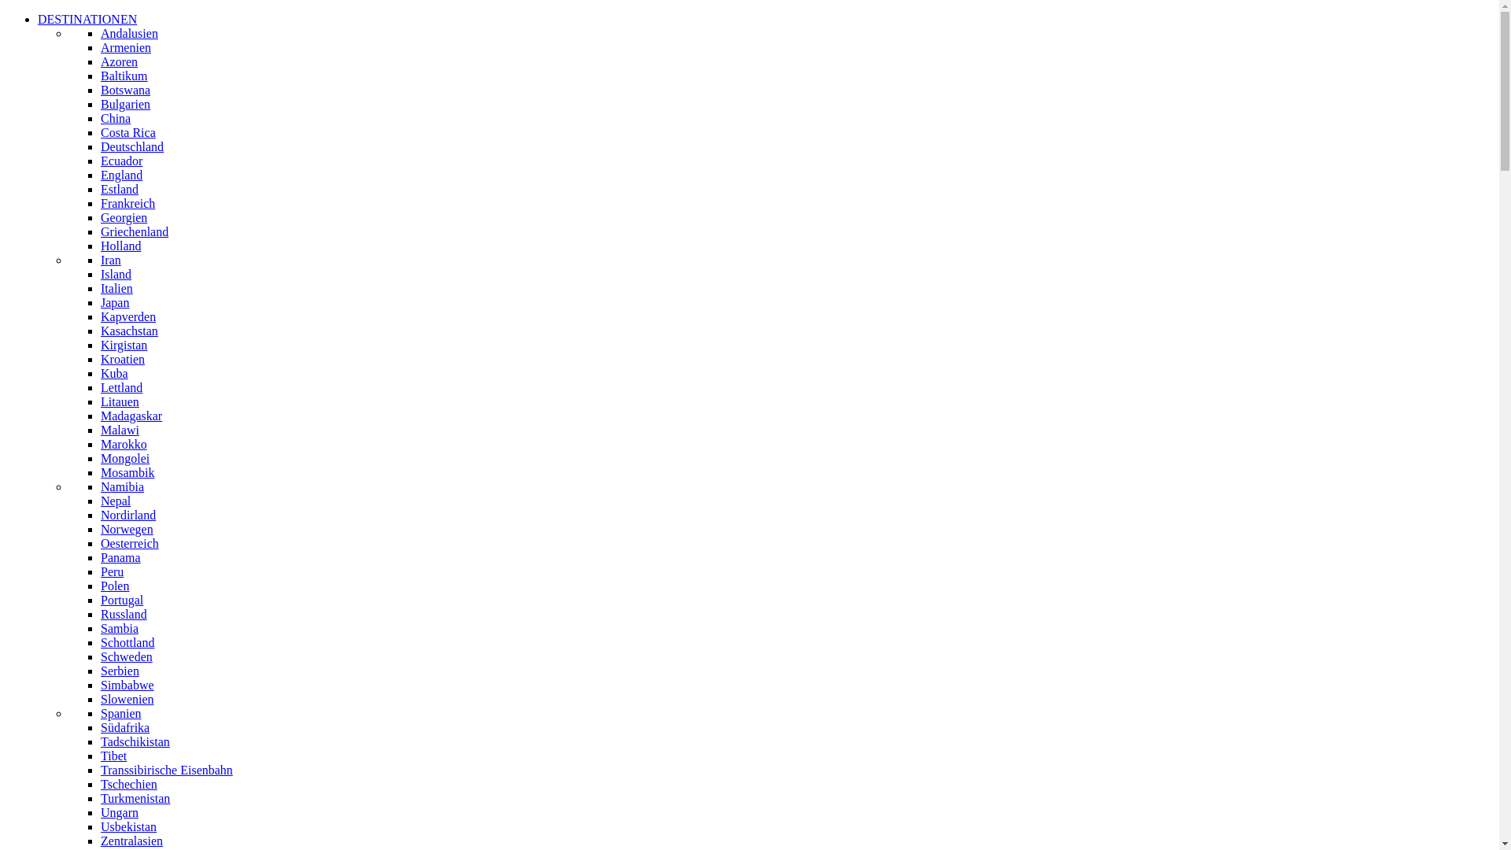 The image size is (1511, 850). What do you see at coordinates (128, 131) in the screenshot?
I see `'Costa Rica'` at bounding box center [128, 131].